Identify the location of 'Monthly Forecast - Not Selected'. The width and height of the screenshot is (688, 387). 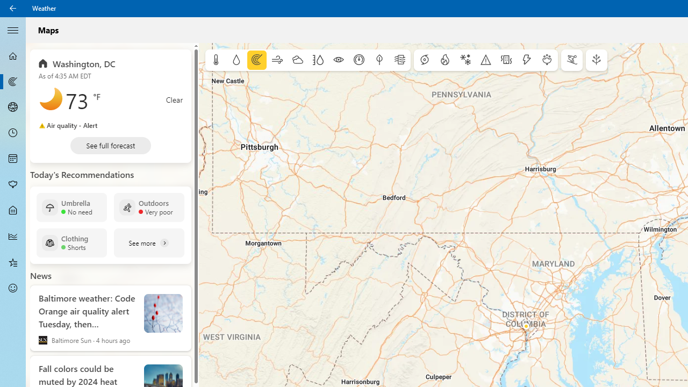
(13, 159).